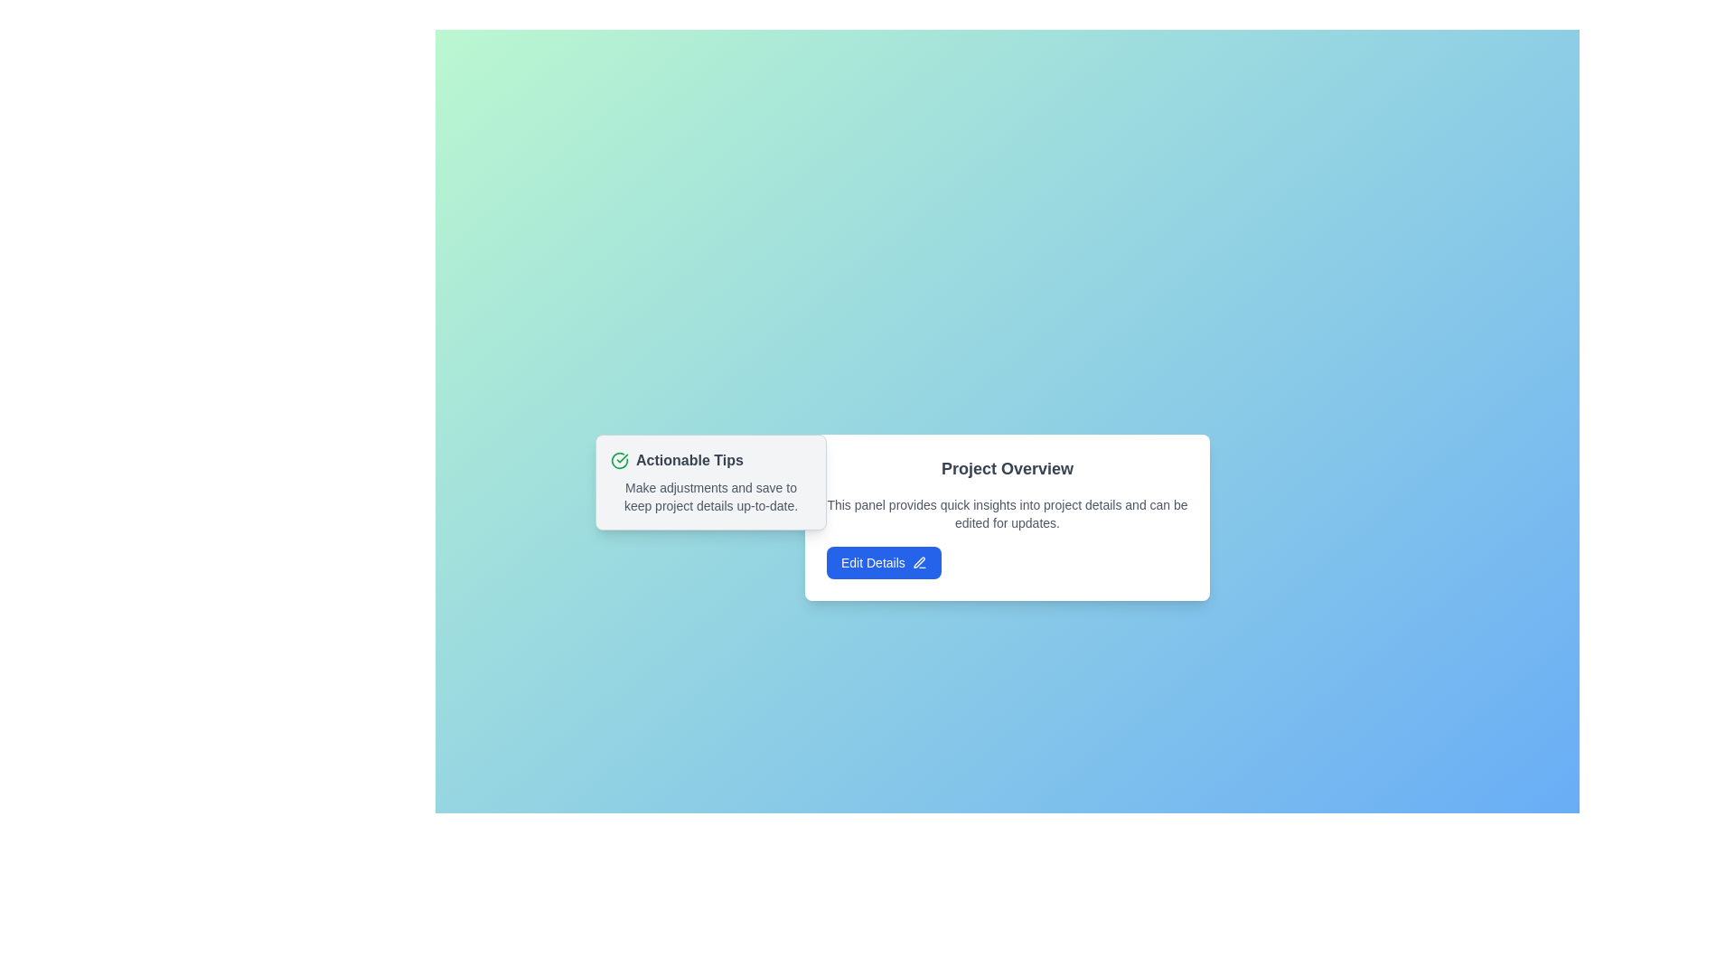 This screenshot has height=976, width=1735. What do you see at coordinates (884, 562) in the screenshot?
I see `the button located at the bottom center of the 'Project Overview' panel to initiate editing the project details` at bounding box center [884, 562].